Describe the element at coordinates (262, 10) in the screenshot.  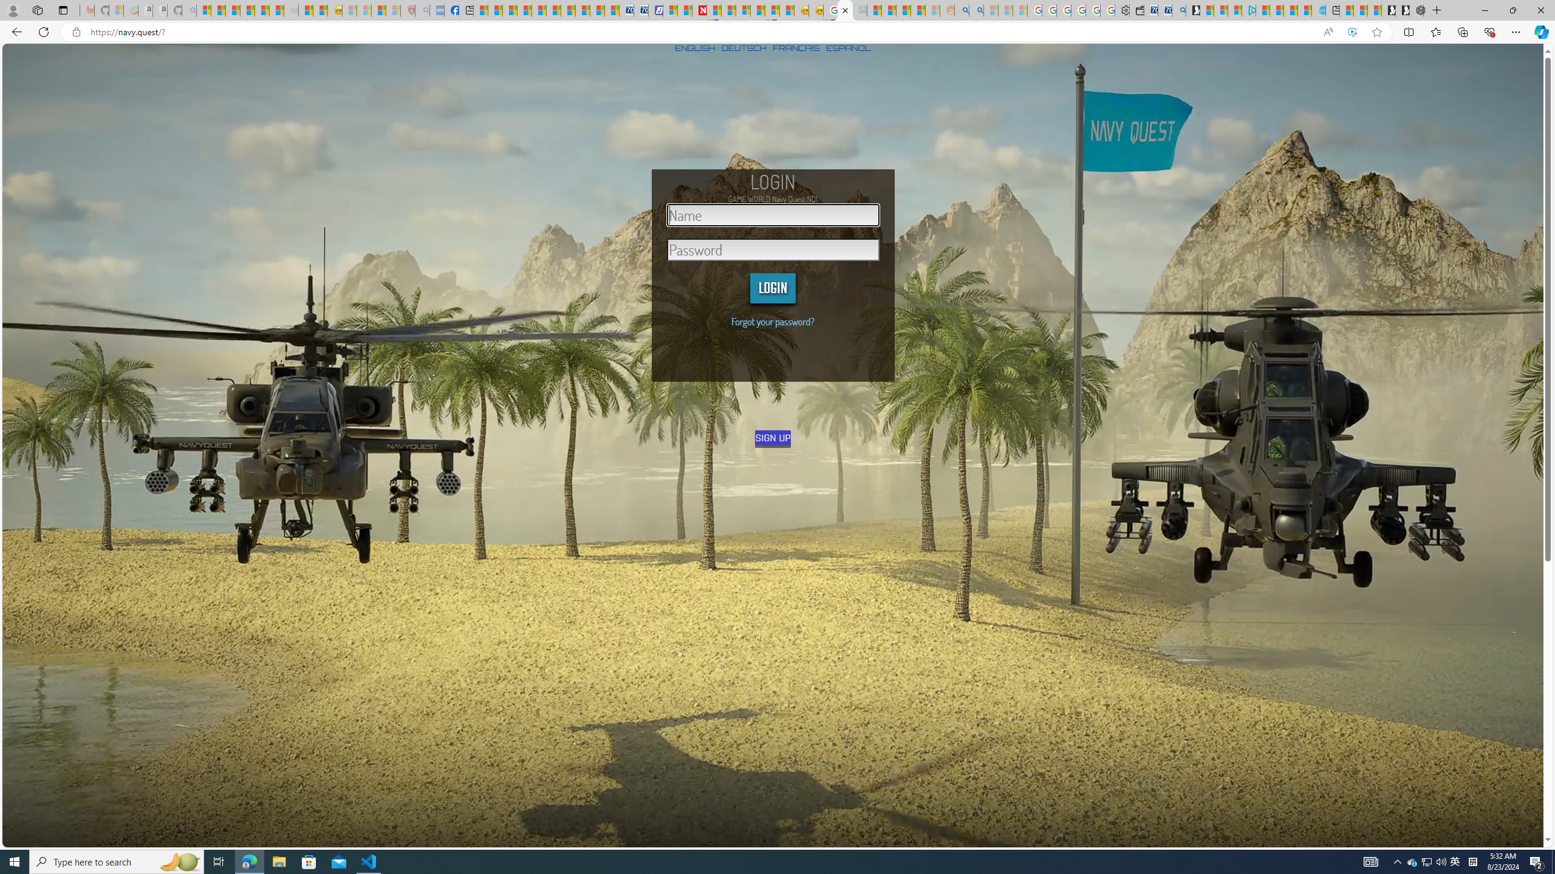
I see `'New Report Confirms 2023 Was Record Hot | Watch'` at that location.